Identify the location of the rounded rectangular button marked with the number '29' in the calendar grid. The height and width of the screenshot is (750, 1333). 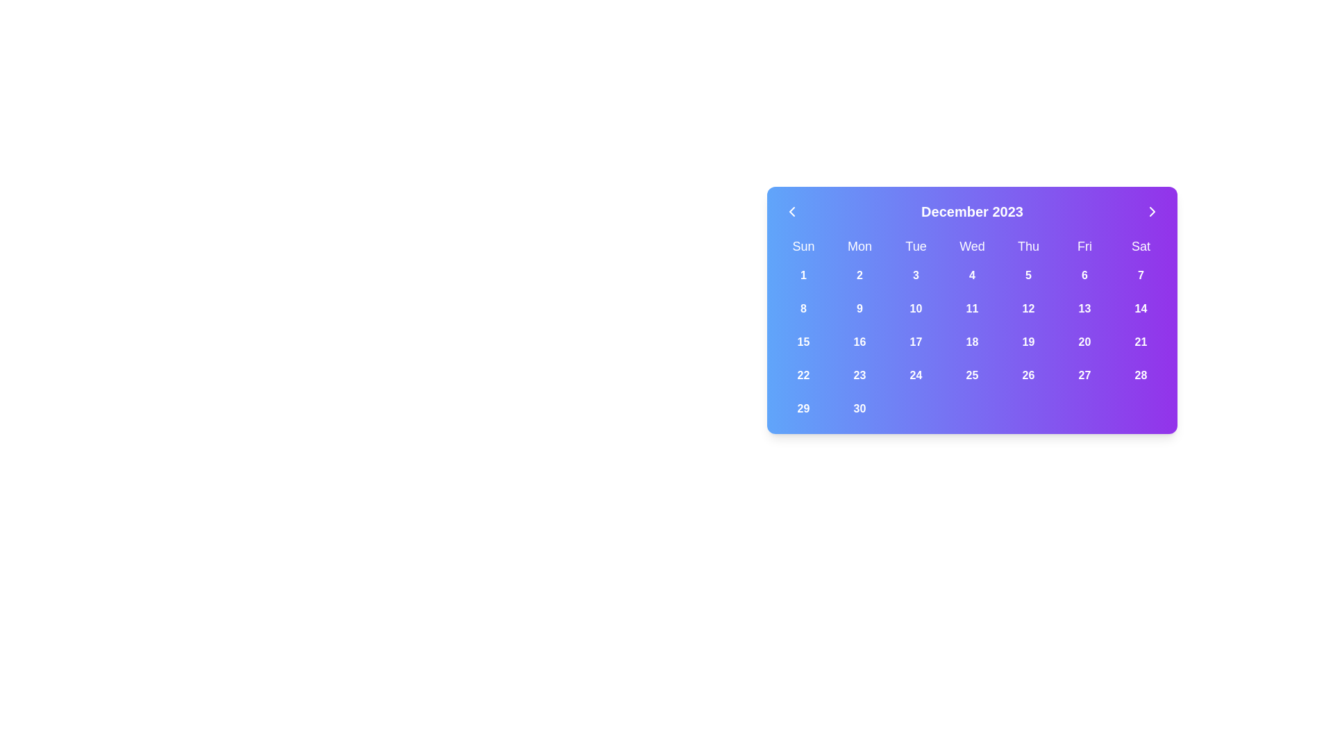
(803, 408).